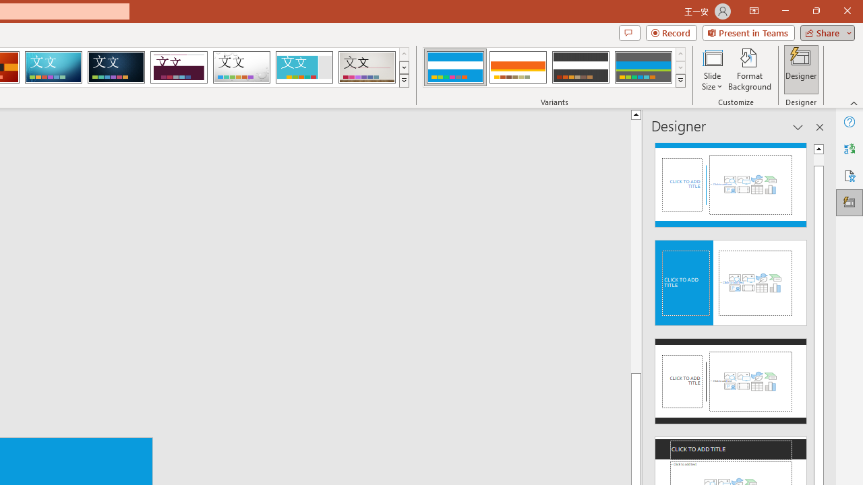 The width and height of the screenshot is (863, 485). What do you see at coordinates (116, 67) in the screenshot?
I see `'Damask'` at bounding box center [116, 67].